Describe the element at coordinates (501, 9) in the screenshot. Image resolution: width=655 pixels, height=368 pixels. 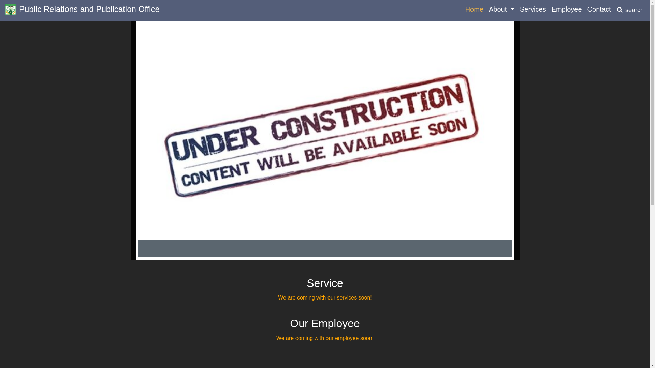
I see `'About'` at that location.